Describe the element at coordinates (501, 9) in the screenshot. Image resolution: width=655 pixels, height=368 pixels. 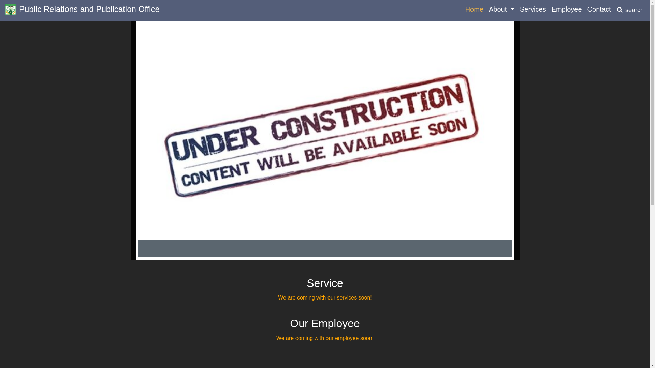
I see `'About'` at that location.